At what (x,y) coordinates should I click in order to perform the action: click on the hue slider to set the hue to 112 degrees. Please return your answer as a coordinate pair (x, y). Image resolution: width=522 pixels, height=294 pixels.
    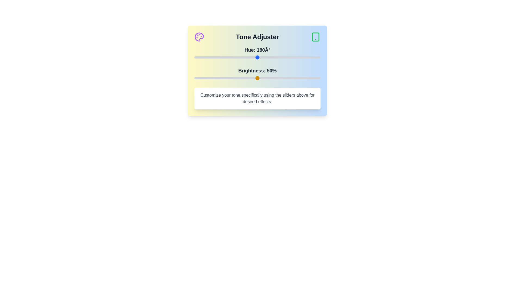
    Looking at the image, I should click on (234, 57).